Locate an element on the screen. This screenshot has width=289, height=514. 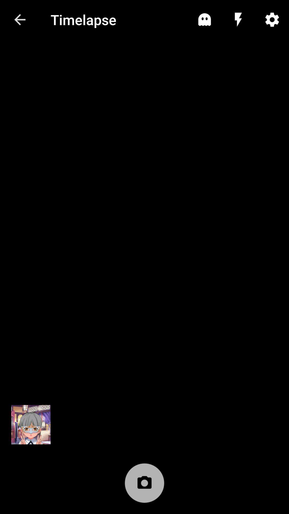
icon to the right of the timelapse icon is located at coordinates (204, 20).